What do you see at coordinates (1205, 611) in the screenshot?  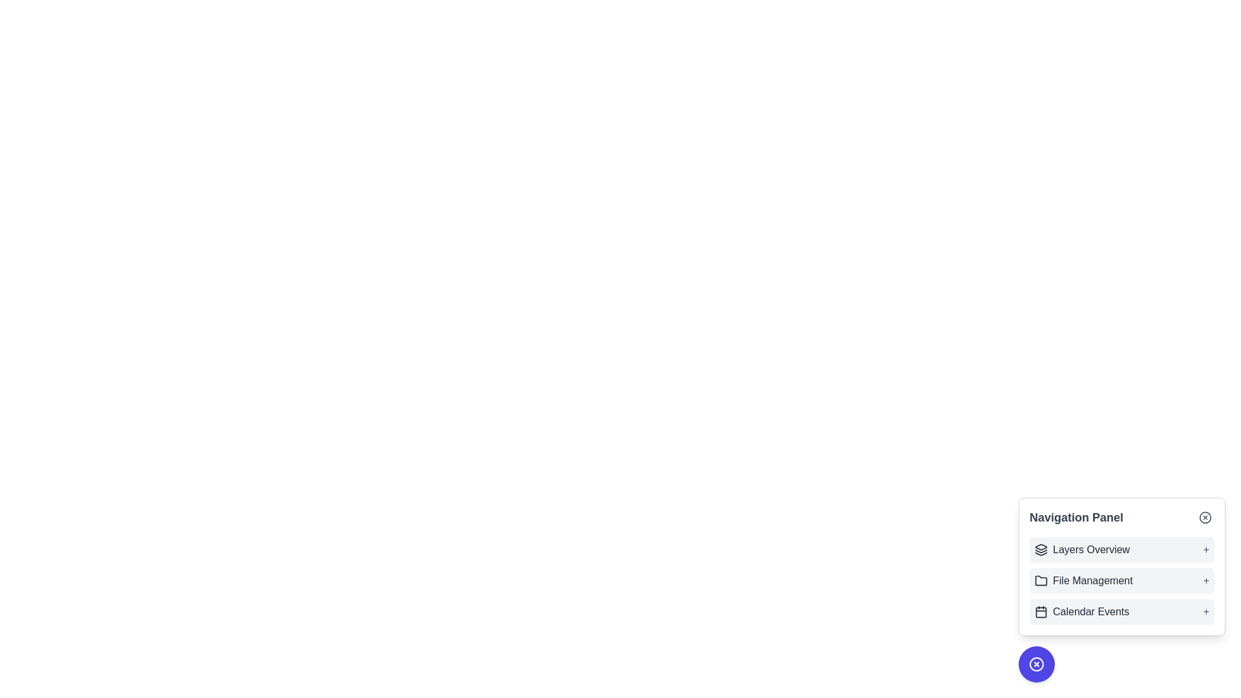 I see `the '+' button located on the far-right side of the 'Calendar Events' section in the vertical navigation menu` at bounding box center [1205, 611].